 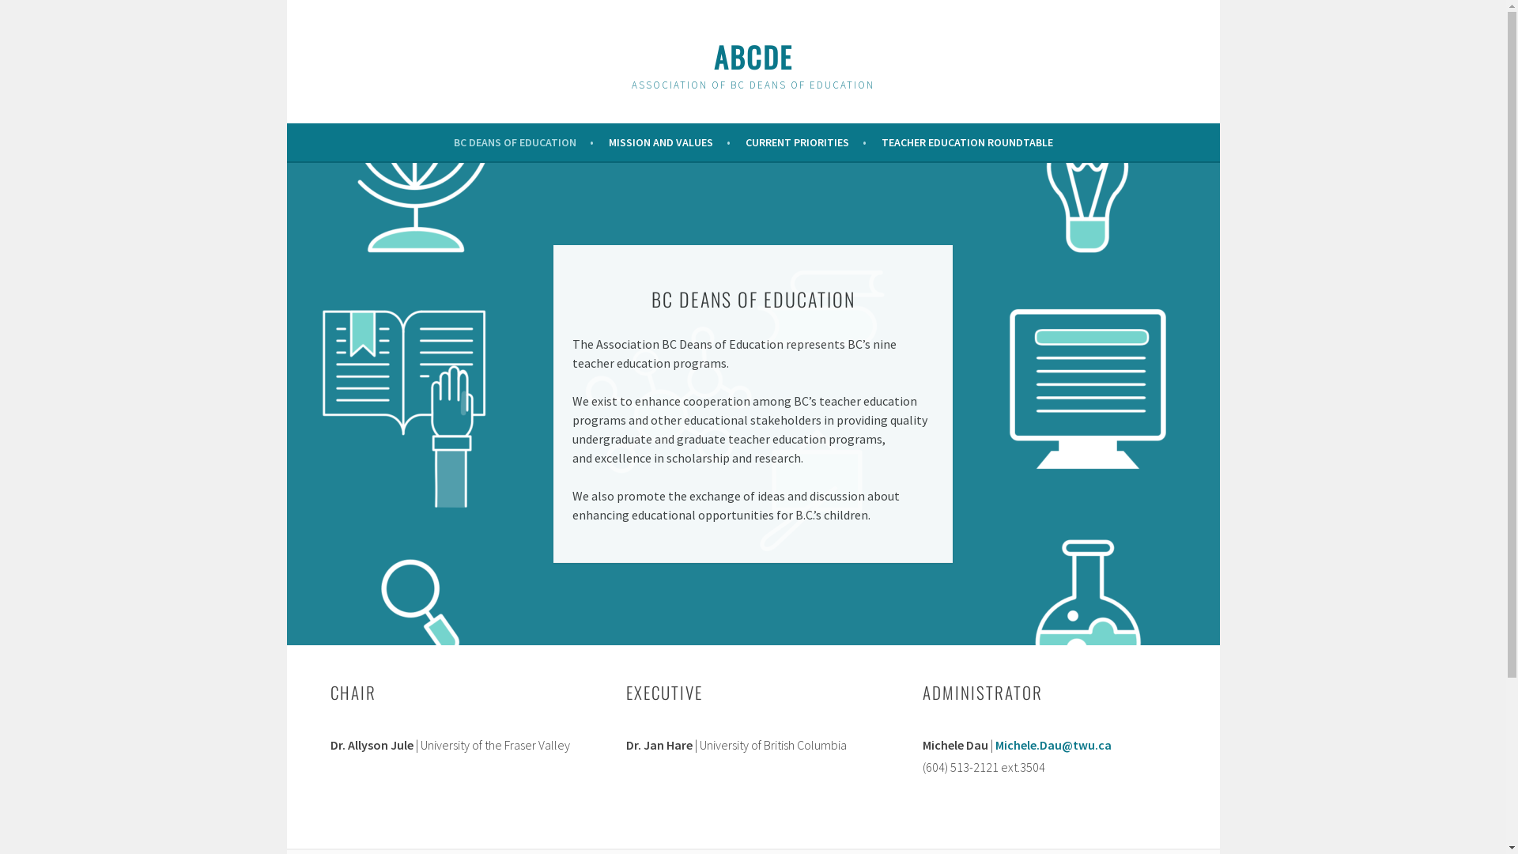 What do you see at coordinates (1052, 744) in the screenshot?
I see `'Michele.Dau@twu.ca'` at bounding box center [1052, 744].